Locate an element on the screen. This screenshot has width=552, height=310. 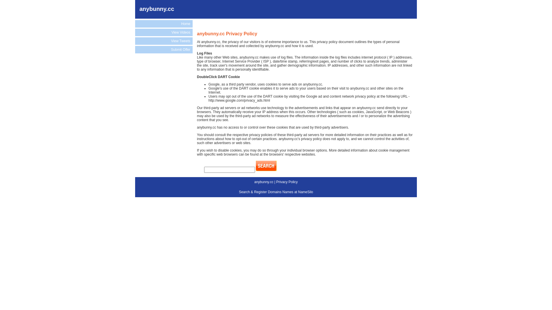
'Privacy Policy' is located at coordinates (276, 182).